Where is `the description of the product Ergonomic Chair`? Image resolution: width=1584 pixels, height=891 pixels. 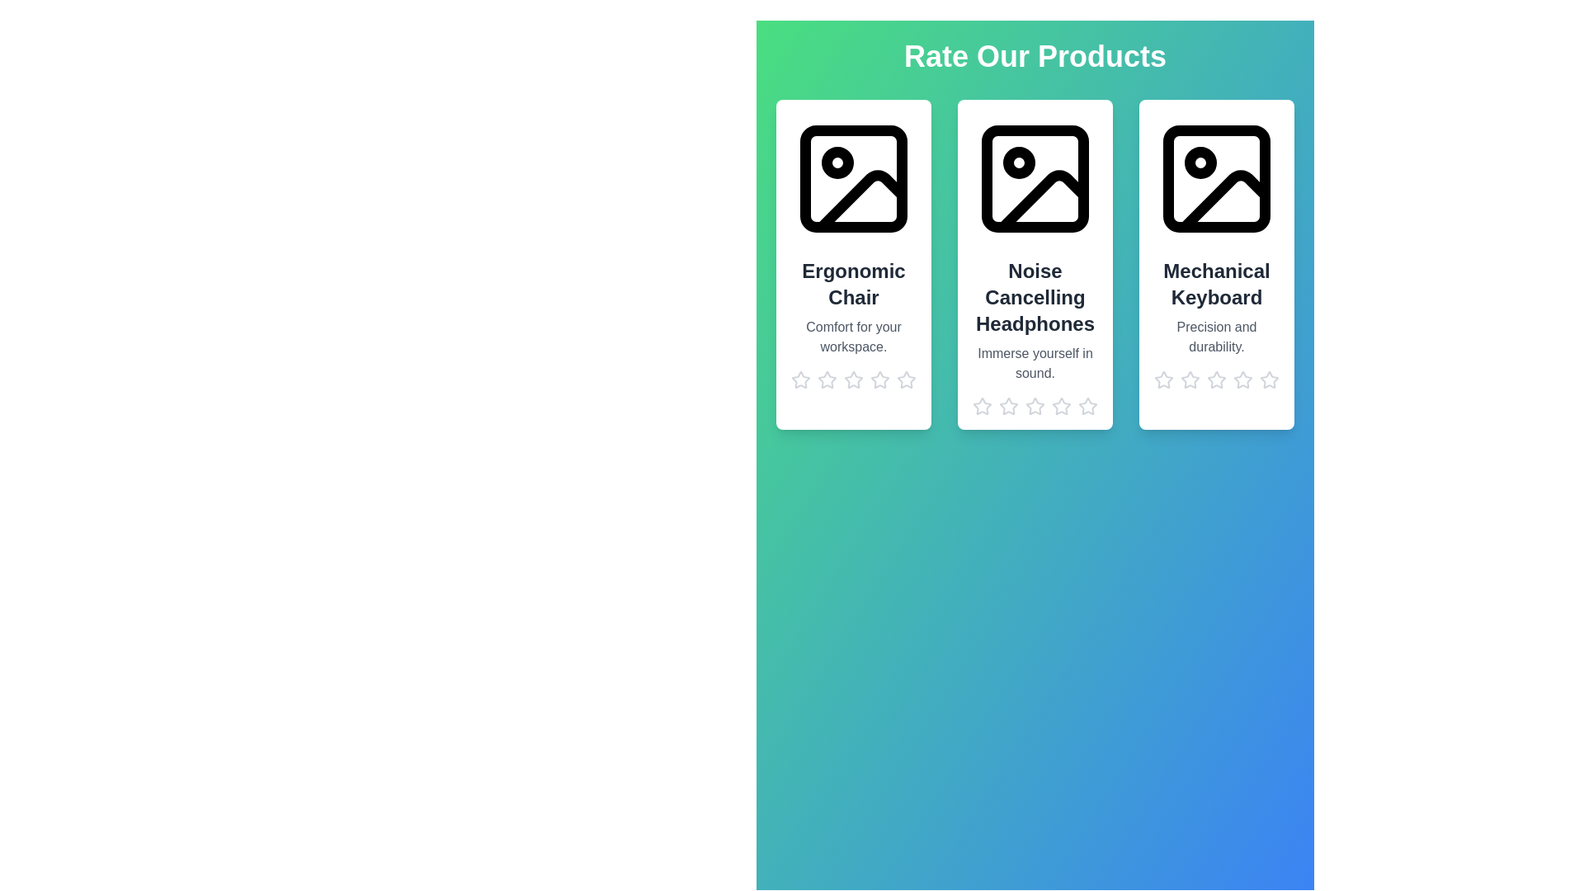
the description of the product Ergonomic Chair is located at coordinates (854, 336).